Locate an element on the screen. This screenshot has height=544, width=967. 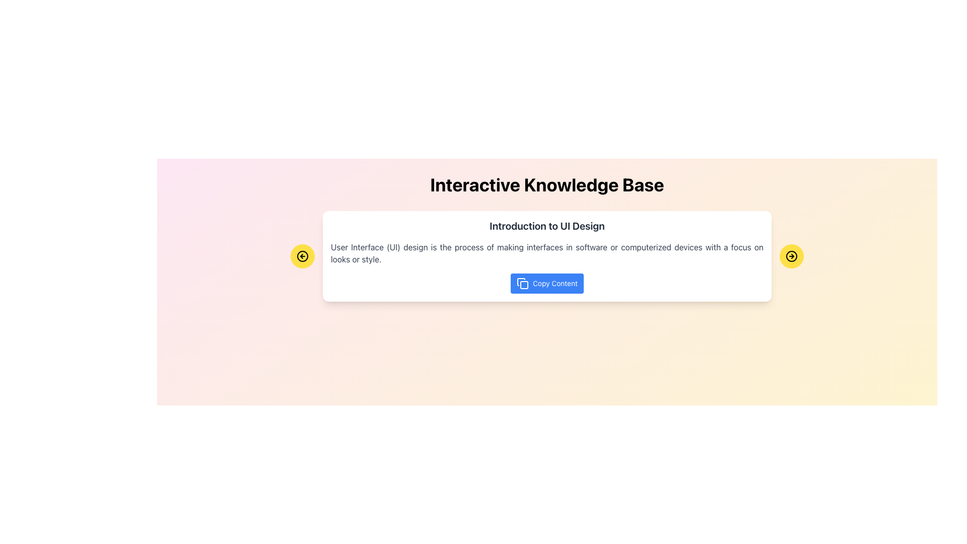
the circular navigation button located to the right of the 'Introduction to UI Design' box is located at coordinates (791, 256).